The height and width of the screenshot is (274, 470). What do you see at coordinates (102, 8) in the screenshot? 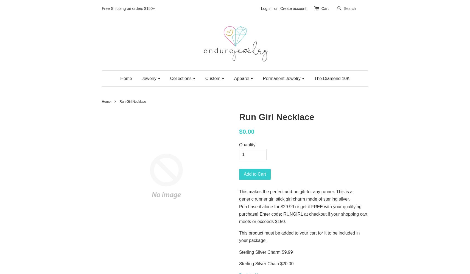
I see `'Free Shipping on orders $150+'` at bounding box center [102, 8].